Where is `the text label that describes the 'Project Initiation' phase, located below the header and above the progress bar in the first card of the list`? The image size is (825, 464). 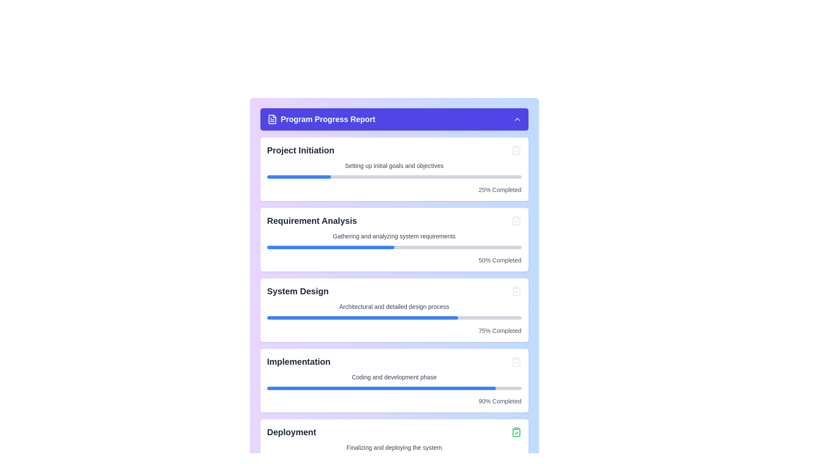
the text label that describes the 'Project Initiation' phase, located below the header and above the progress bar in the first card of the list is located at coordinates (394, 165).